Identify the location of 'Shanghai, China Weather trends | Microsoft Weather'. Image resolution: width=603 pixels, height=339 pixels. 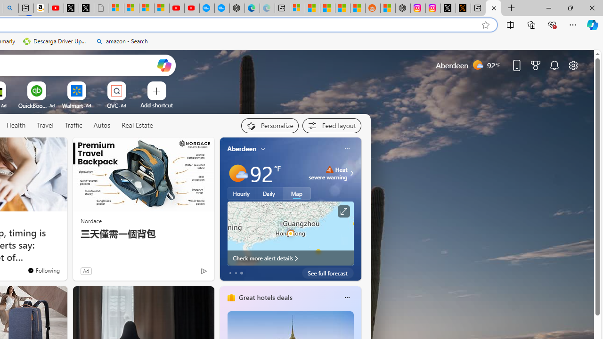
(357, 8).